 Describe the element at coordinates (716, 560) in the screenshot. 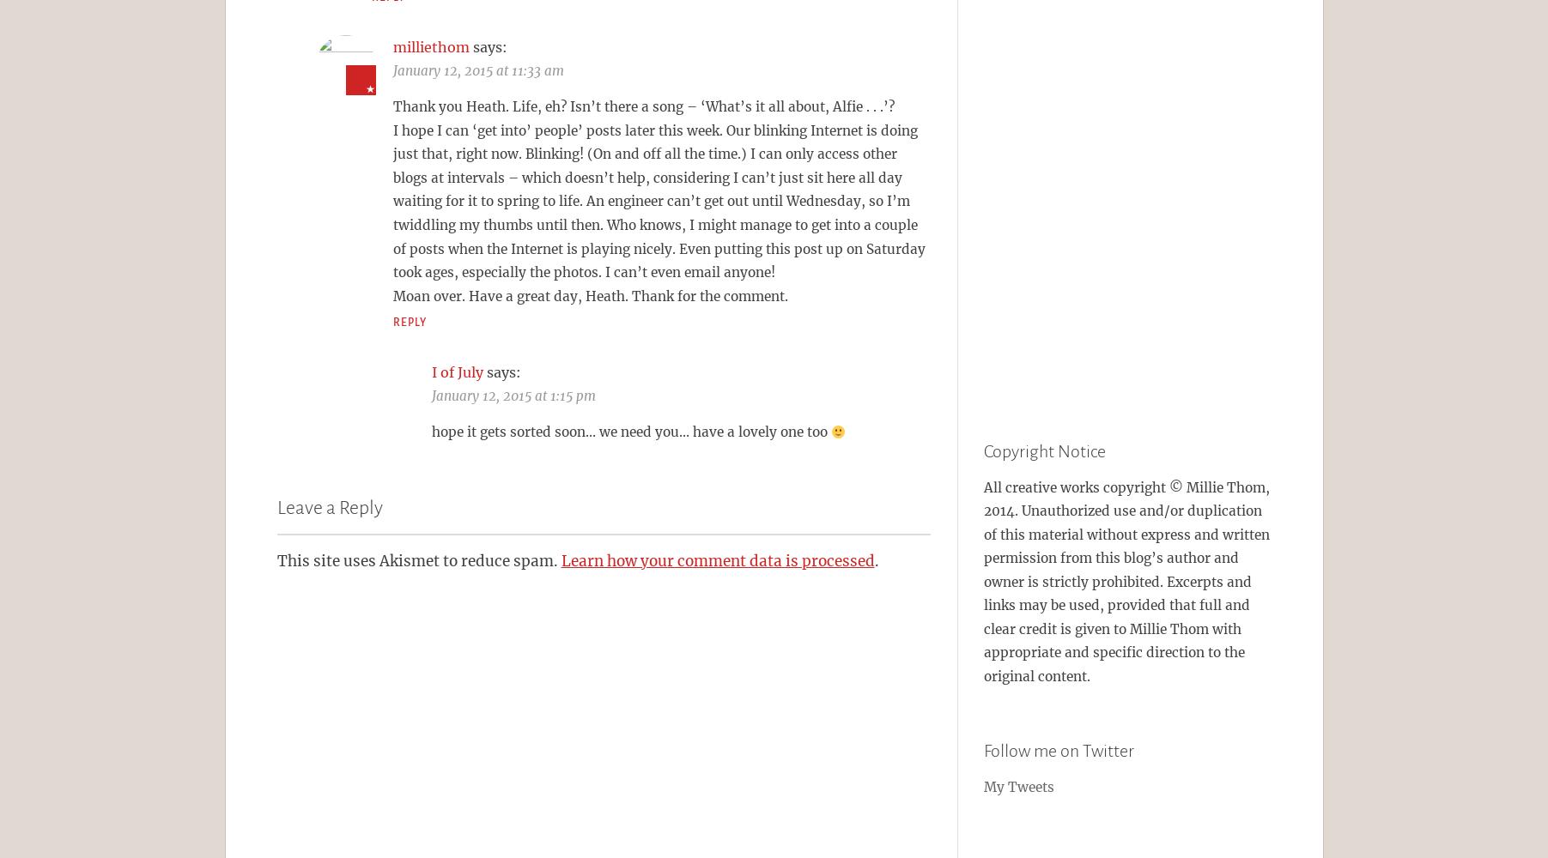

I see `'Learn how your comment data is processed'` at that location.